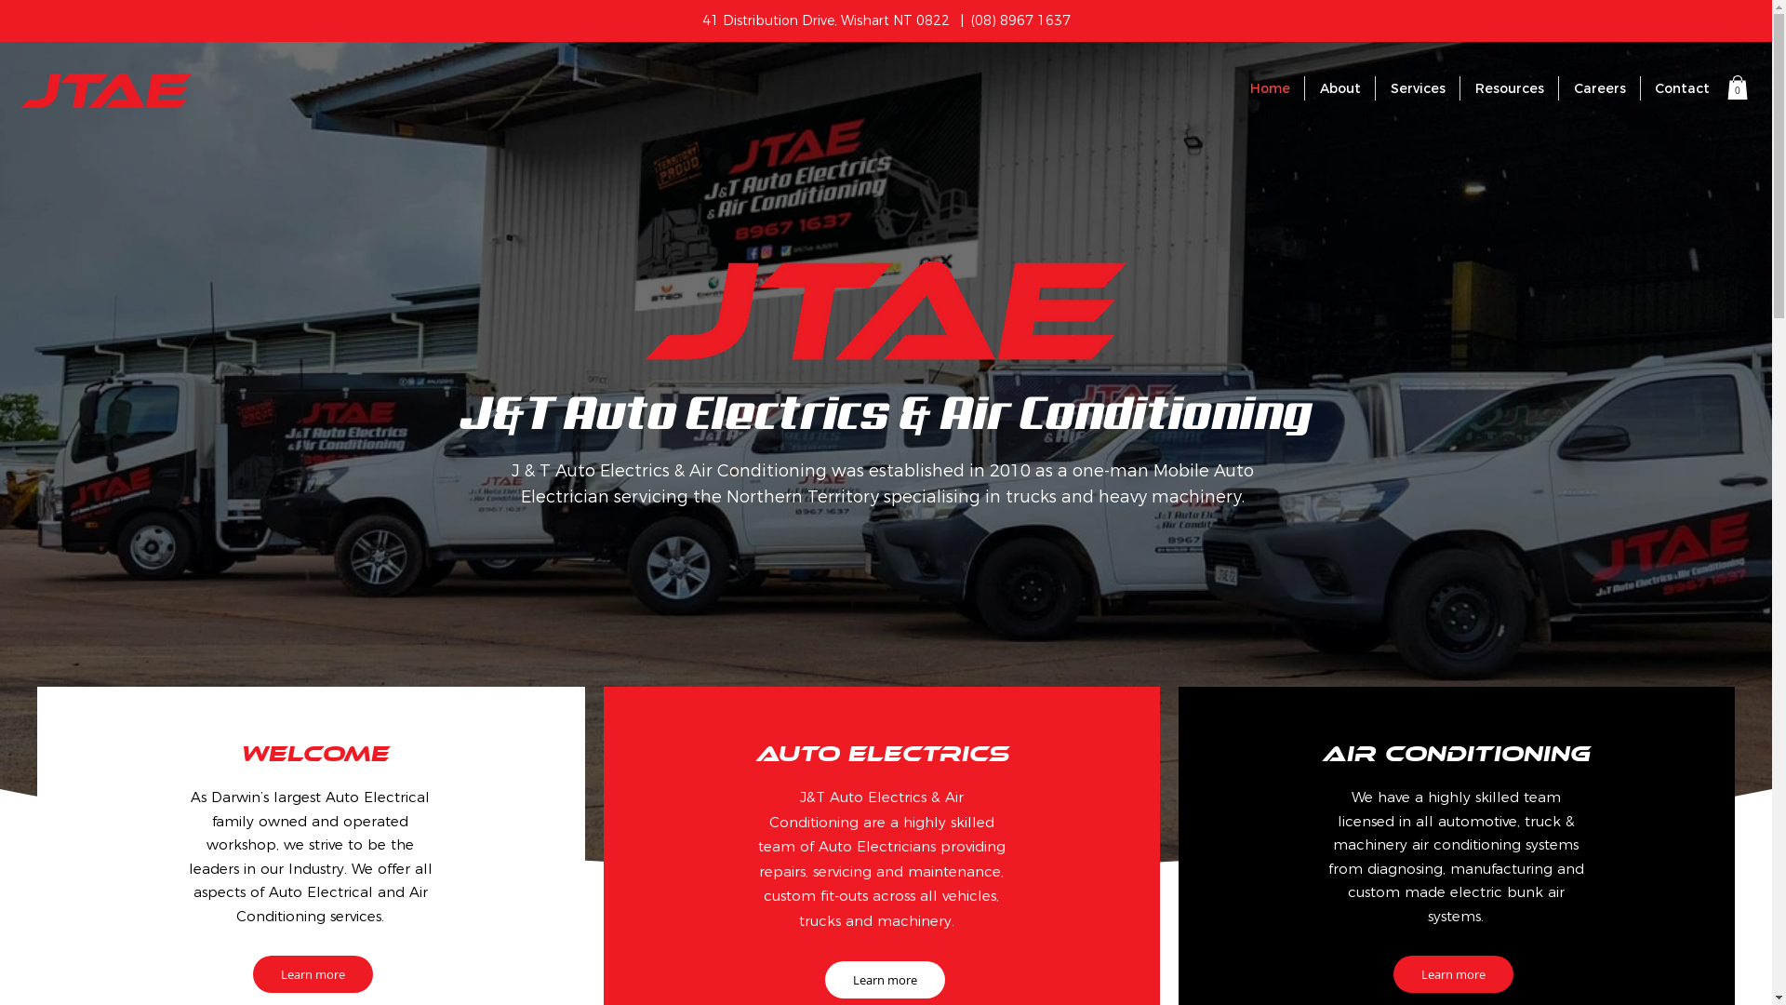  I want to click on '0', so click(1736, 87).